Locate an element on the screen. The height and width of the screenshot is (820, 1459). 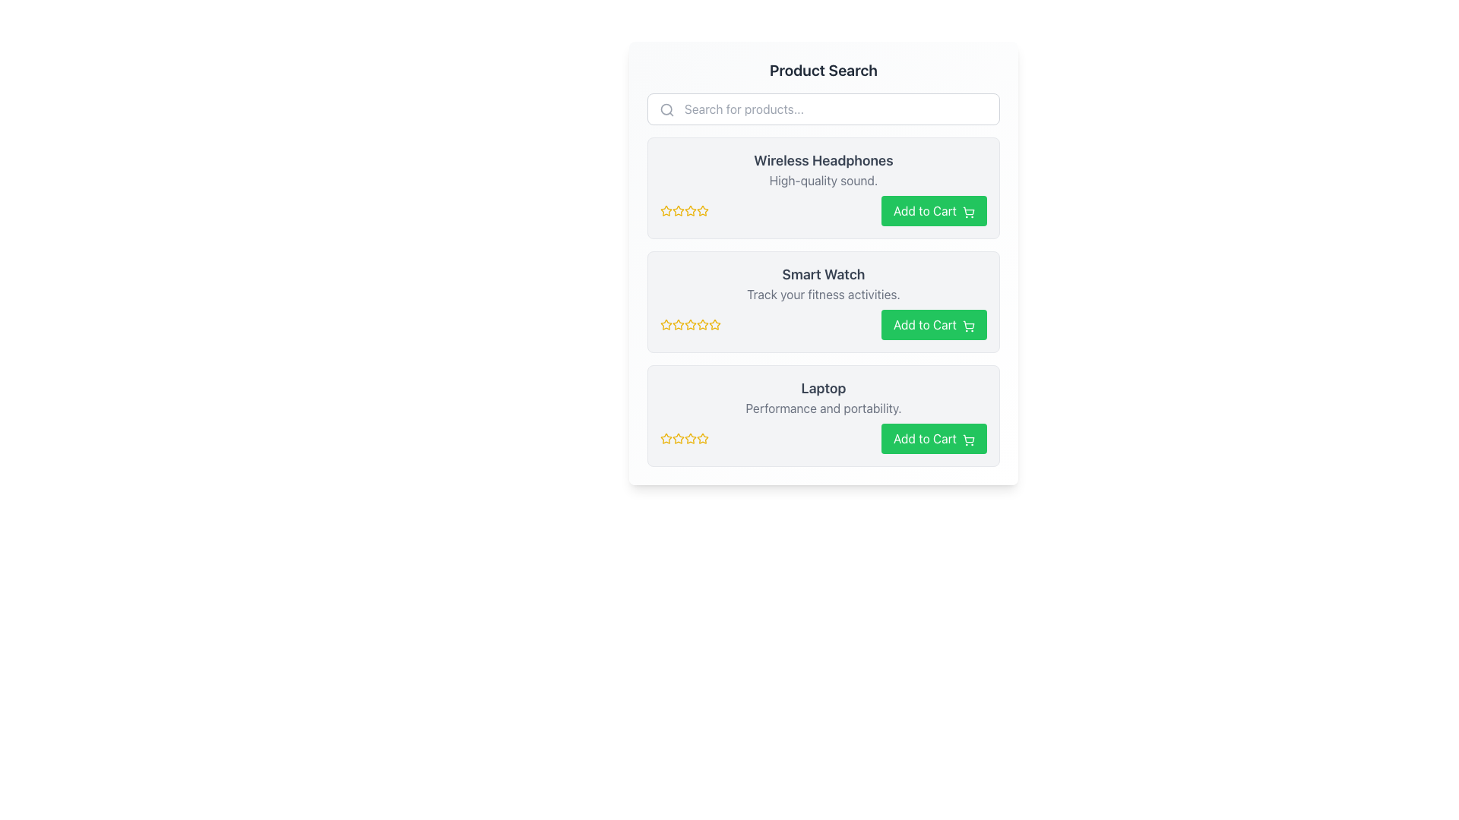
the shopping cart icon located to the right of the 'Add to Cart' text in the second green button is located at coordinates (968, 324).